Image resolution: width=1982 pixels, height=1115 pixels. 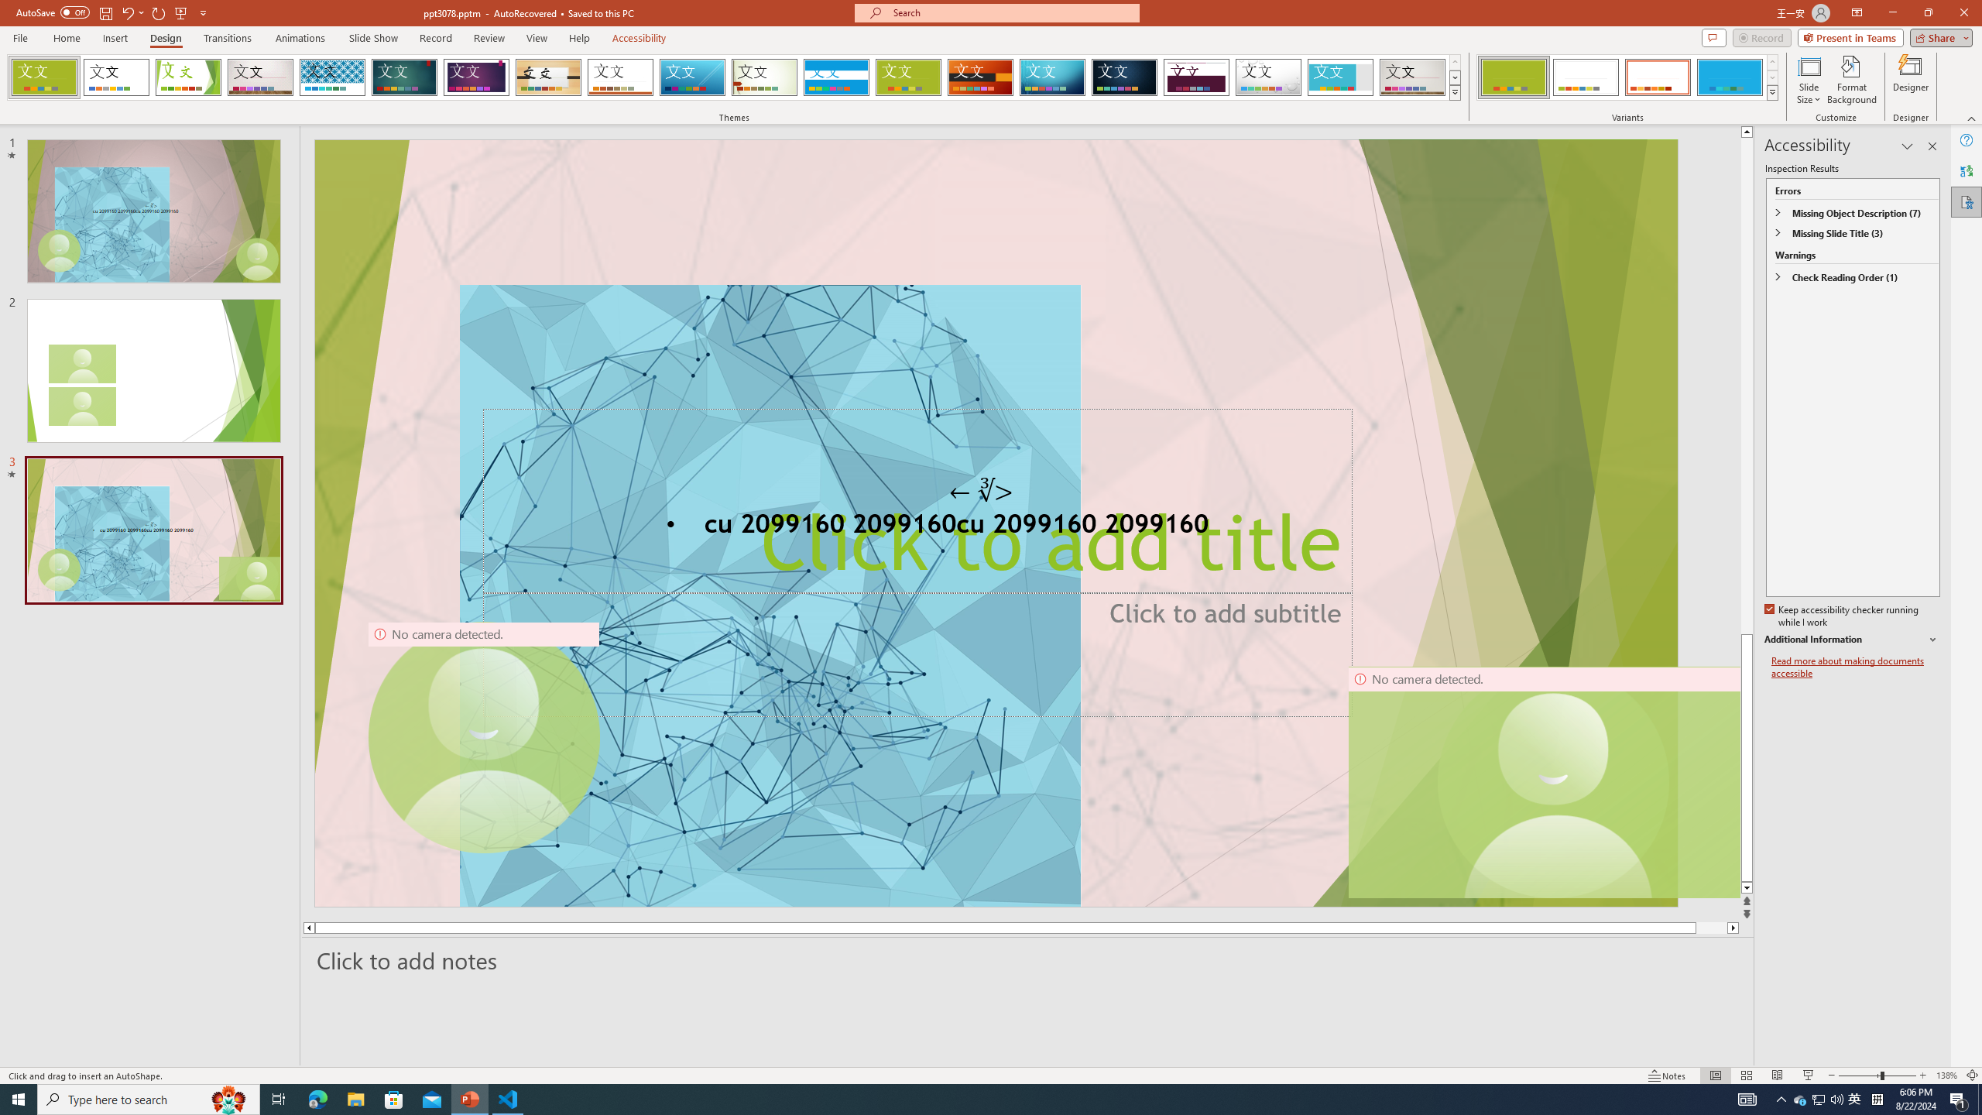 What do you see at coordinates (1966, 171) in the screenshot?
I see `'Translator'` at bounding box center [1966, 171].